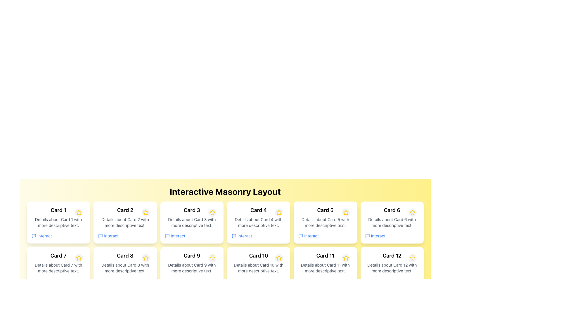  What do you see at coordinates (412, 258) in the screenshot?
I see `the rounded star-shaped icon button with a yellow border, located at the top-right corner of 'Card 12'` at bounding box center [412, 258].